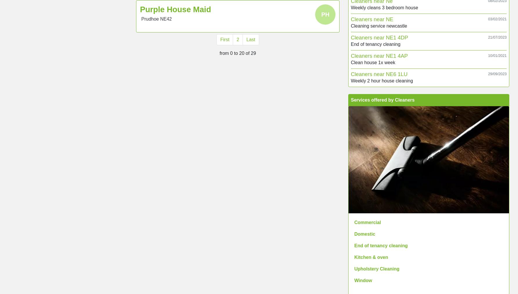 Image resolution: width=518 pixels, height=294 pixels. I want to click on 'Cleaners near NE1 4DP', so click(379, 37).